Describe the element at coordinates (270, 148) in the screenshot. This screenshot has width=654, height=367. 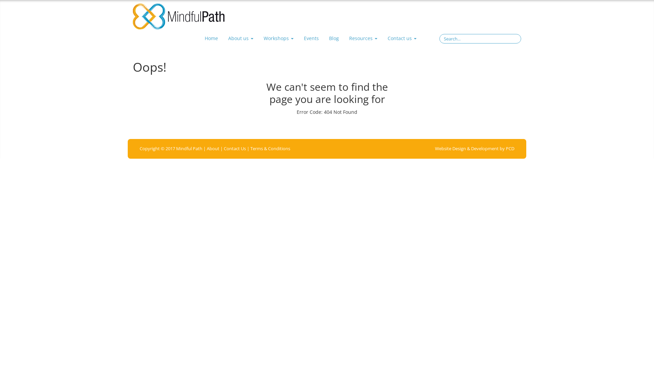
I see `'Terms & Conditions'` at that location.